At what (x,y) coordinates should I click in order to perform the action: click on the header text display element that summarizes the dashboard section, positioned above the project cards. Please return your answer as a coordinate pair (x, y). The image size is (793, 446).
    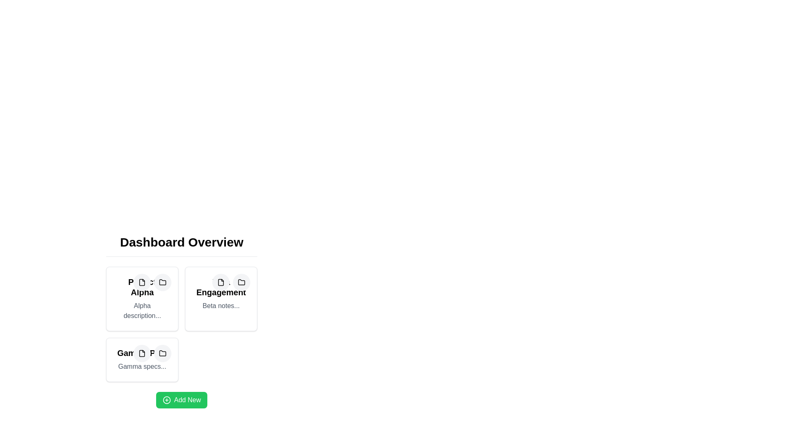
    Looking at the image, I should click on (181, 245).